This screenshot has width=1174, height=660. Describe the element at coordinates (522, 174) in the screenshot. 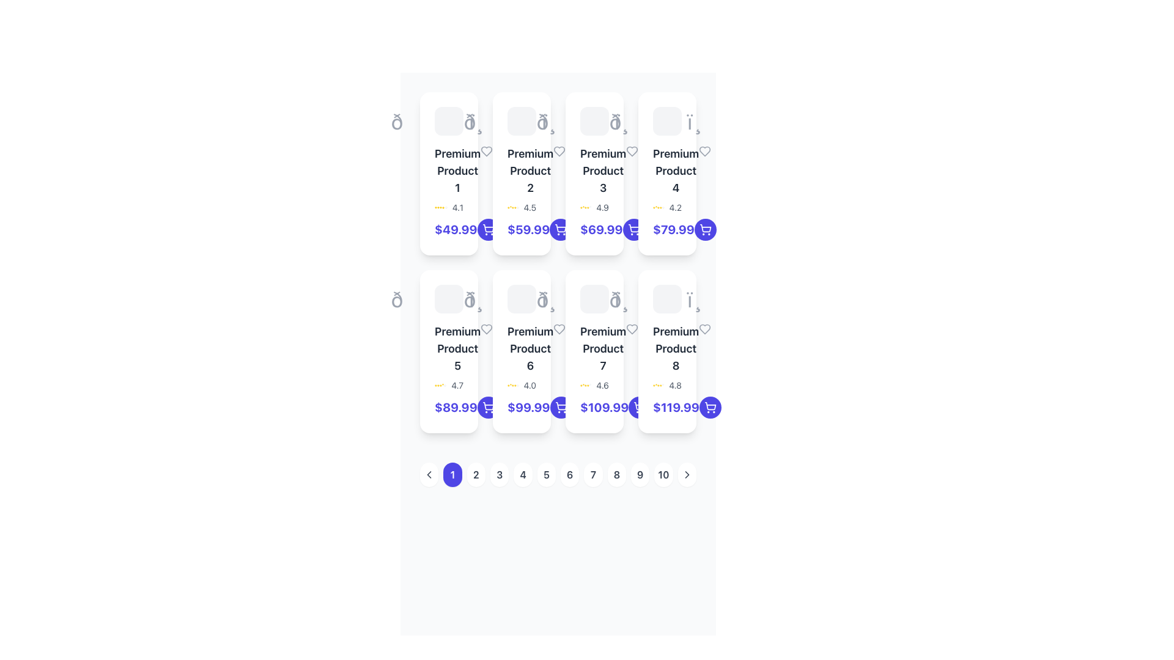

I see `the product name displayed on the product display card located in the first row of the grid layout, which is the second item in the row, surrounded by 'Premium Product 1' and 'Premium Product 3'` at that location.